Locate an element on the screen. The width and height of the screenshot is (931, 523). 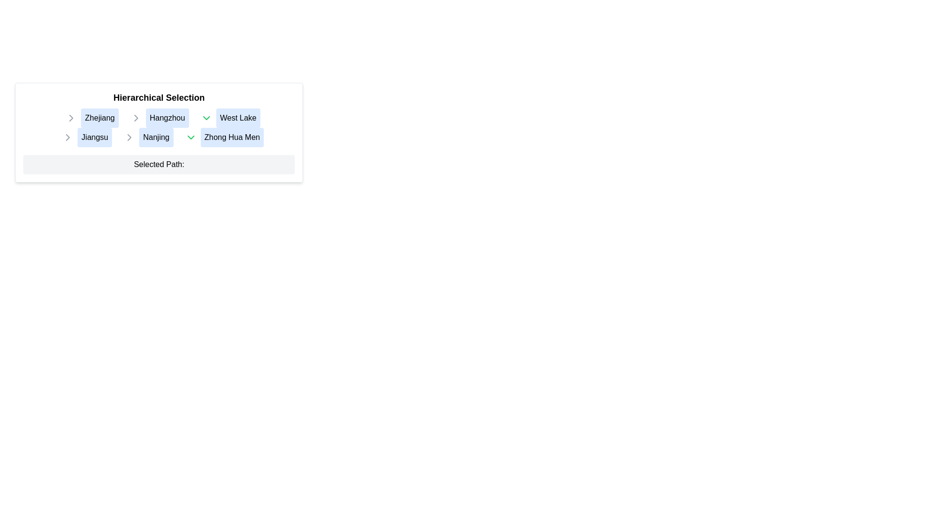
the button labeled 'Zhong Hua Men' which is styled with a light blue background and is part of the dropdown for 'Jiangsu -> Nanjing' is located at coordinates (231, 138).